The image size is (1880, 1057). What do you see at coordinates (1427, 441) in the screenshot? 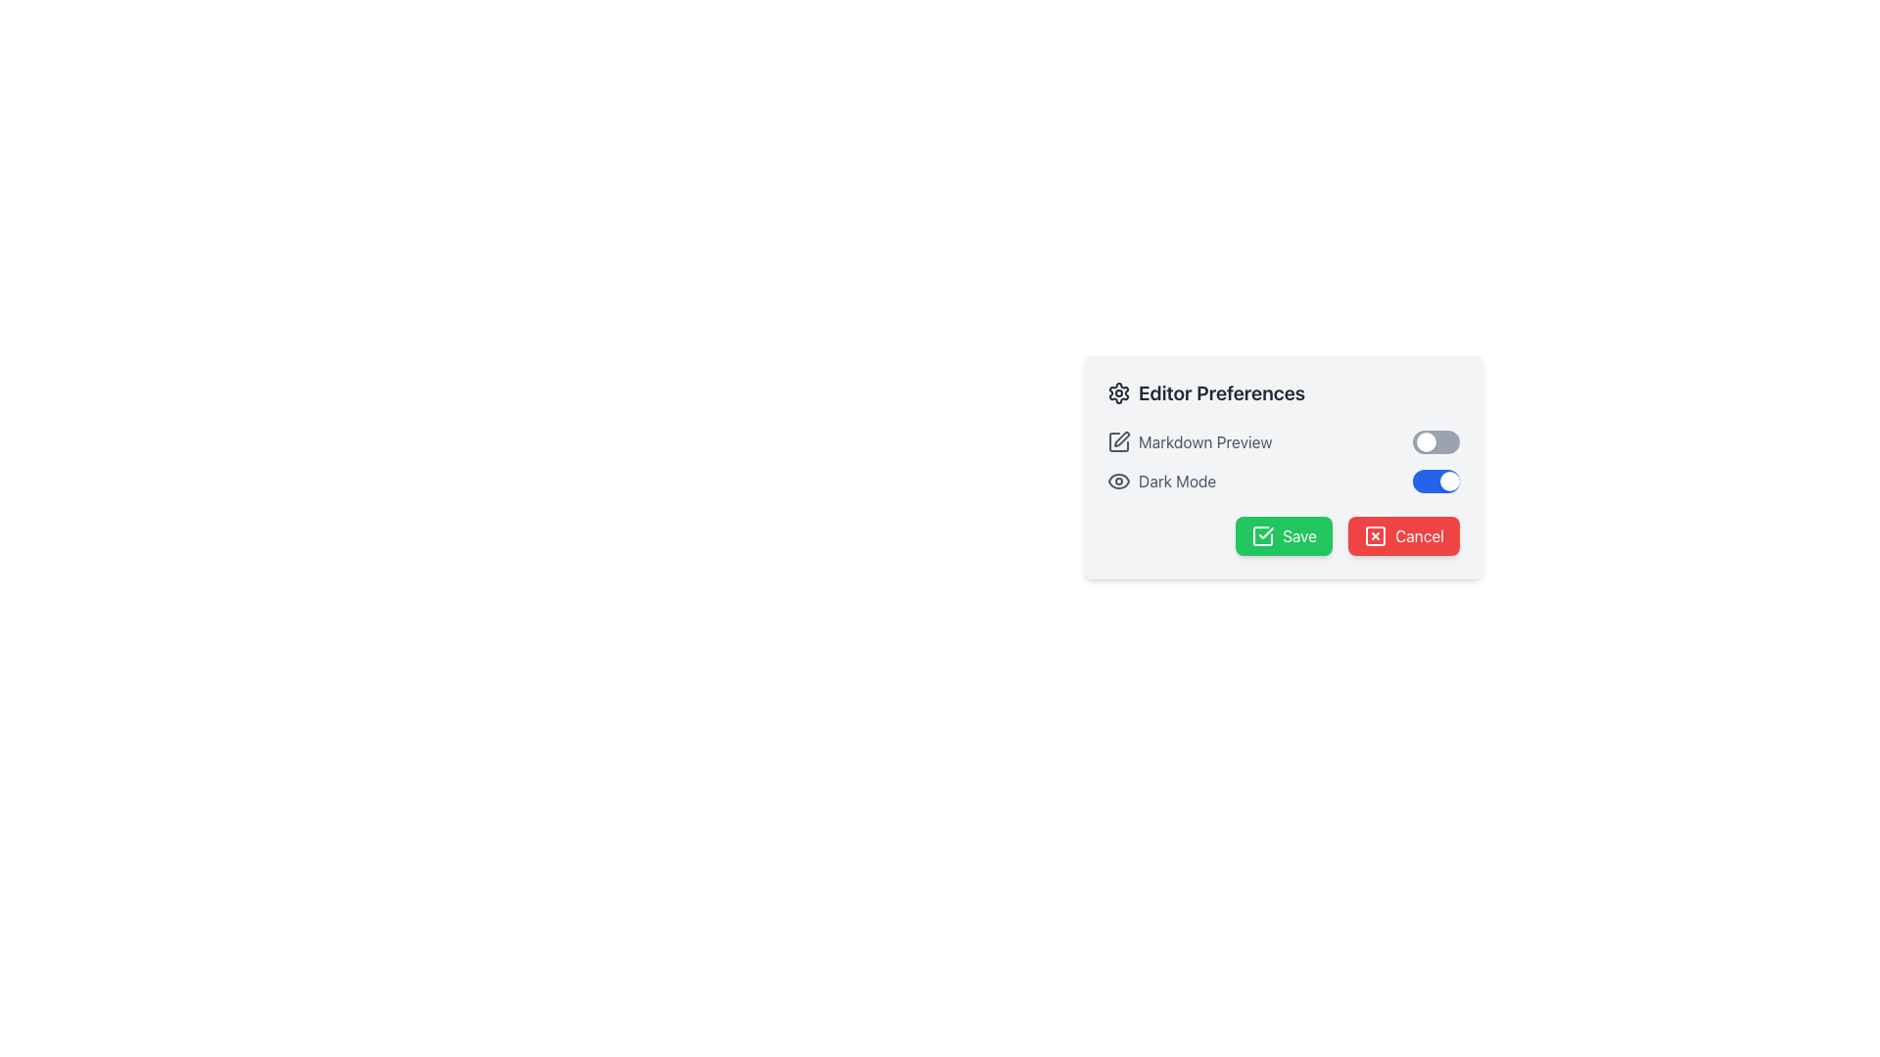
I see `the toggle switch knob for the 'Markdown Preview' setting located within the 'Editor Preferences' area to trigger interaction effects` at bounding box center [1427, 441].